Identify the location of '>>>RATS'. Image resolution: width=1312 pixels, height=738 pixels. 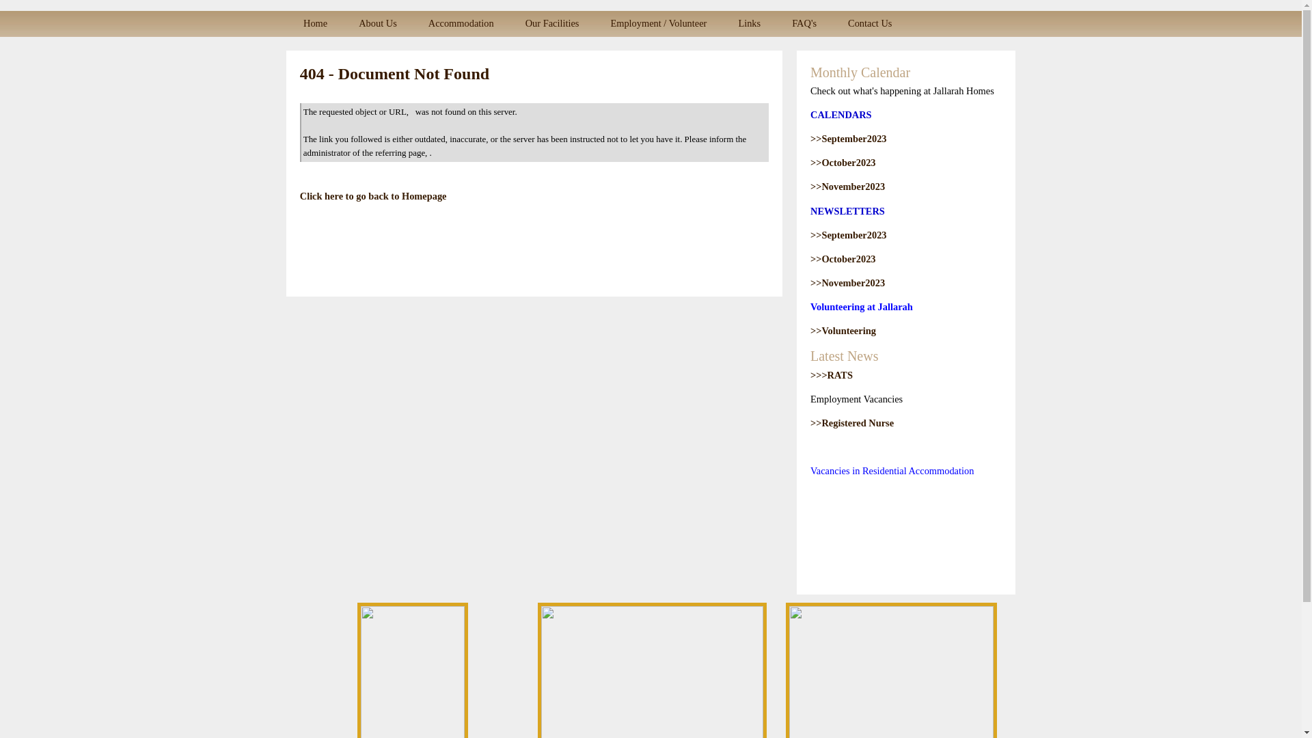
(831, 374).